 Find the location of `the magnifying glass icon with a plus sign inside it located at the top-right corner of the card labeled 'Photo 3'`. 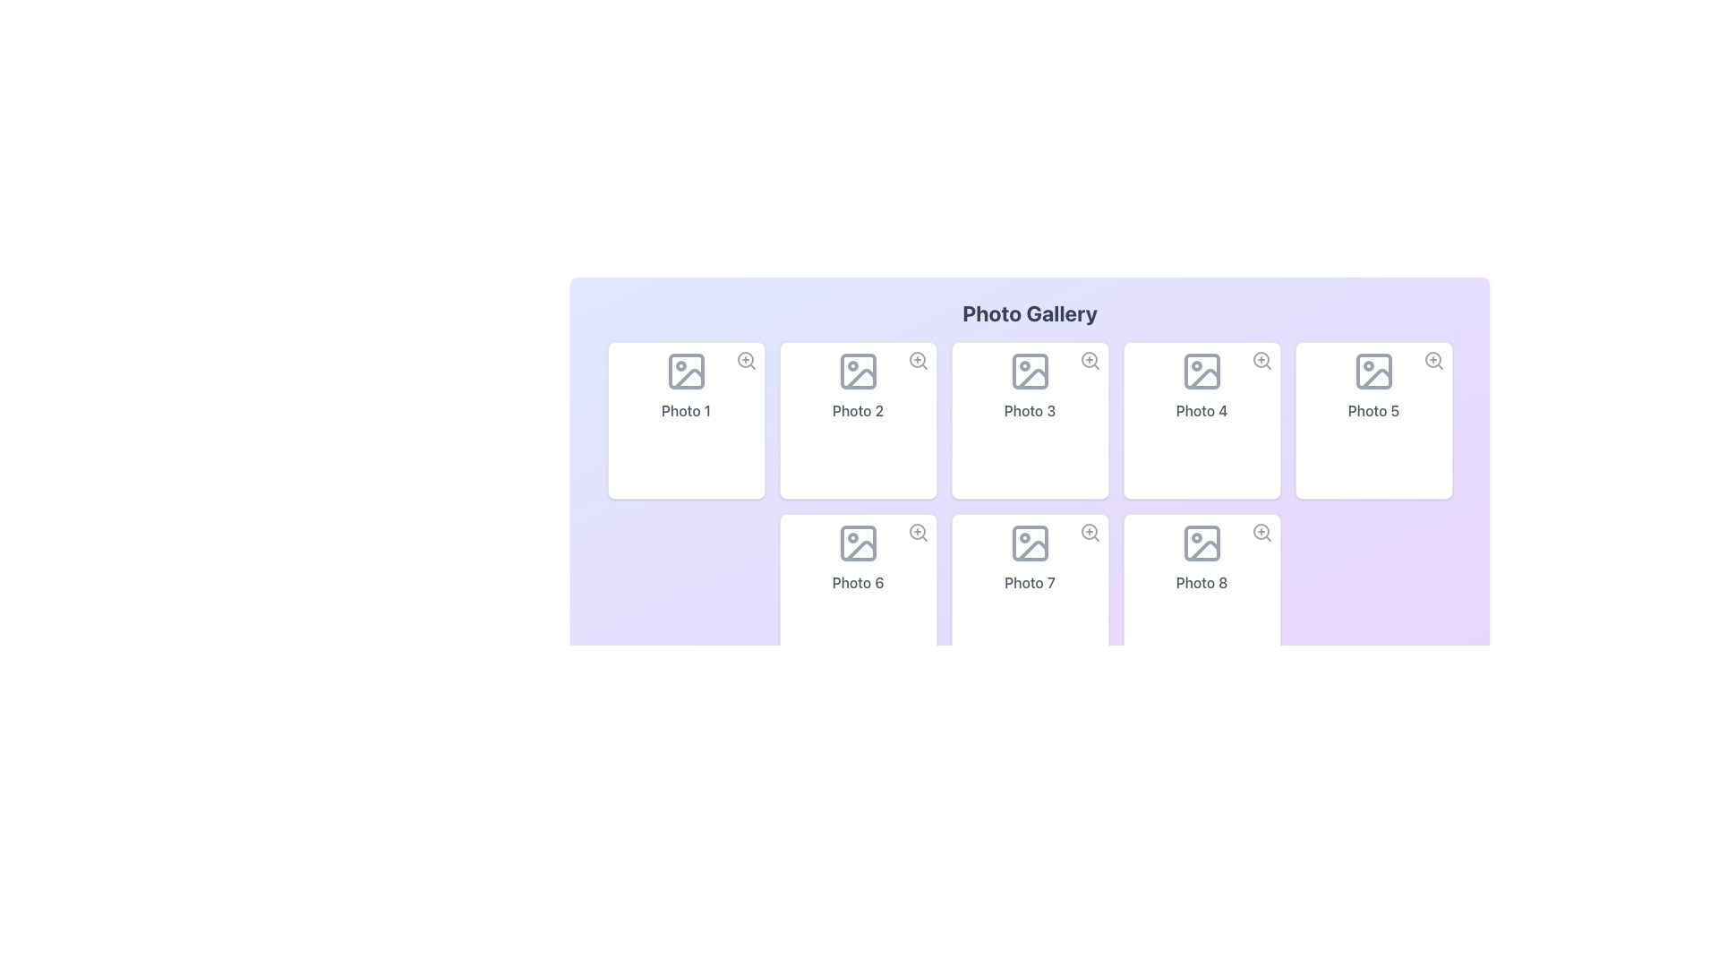

the magnifying glass icon with a plus sign inside it located at the top-right corner of the card labeled 'Photo 3' is located at coordinates (1089, 360).